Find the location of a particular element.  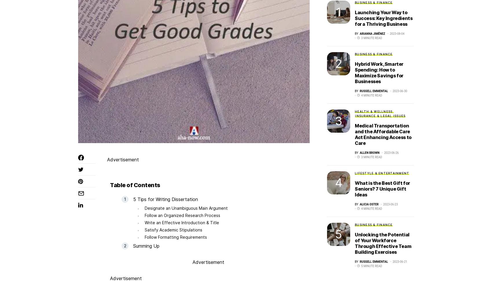

'Arianna Jiménez' is located at coordinates (372, 33).